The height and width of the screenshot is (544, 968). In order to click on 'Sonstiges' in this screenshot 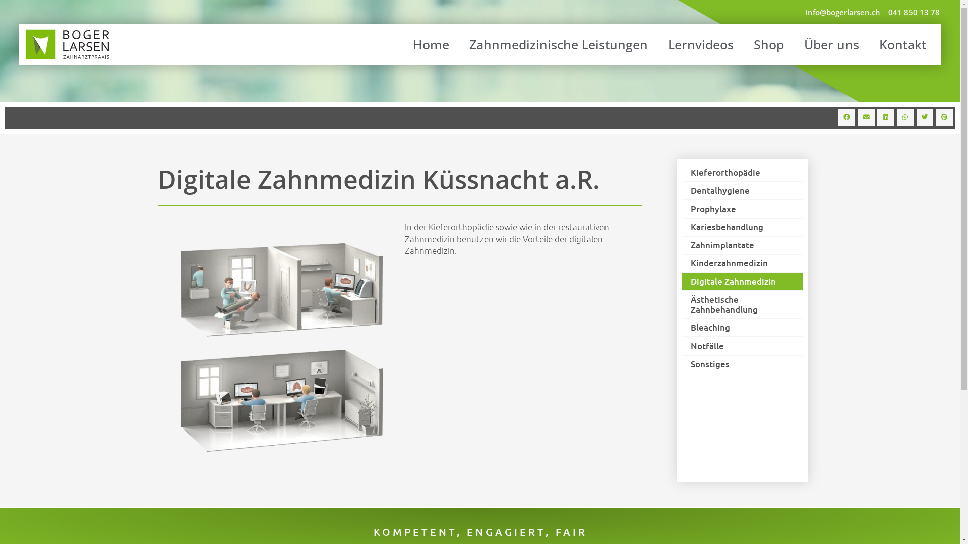, I will do `click(742, 364)`.